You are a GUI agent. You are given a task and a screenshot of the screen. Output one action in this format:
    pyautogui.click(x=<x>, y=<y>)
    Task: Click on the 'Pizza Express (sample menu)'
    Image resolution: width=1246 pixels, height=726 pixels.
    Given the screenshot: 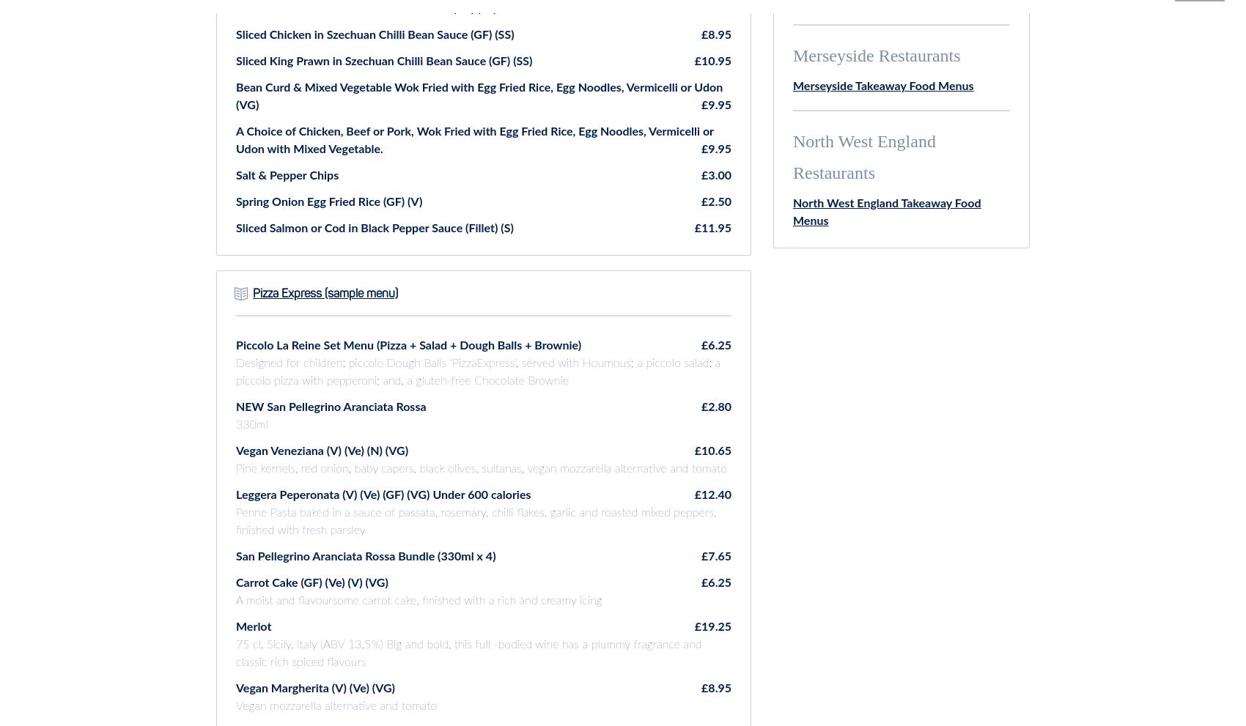 What is the action you would take?
    pyautogui.click(x=325, y=292)
    